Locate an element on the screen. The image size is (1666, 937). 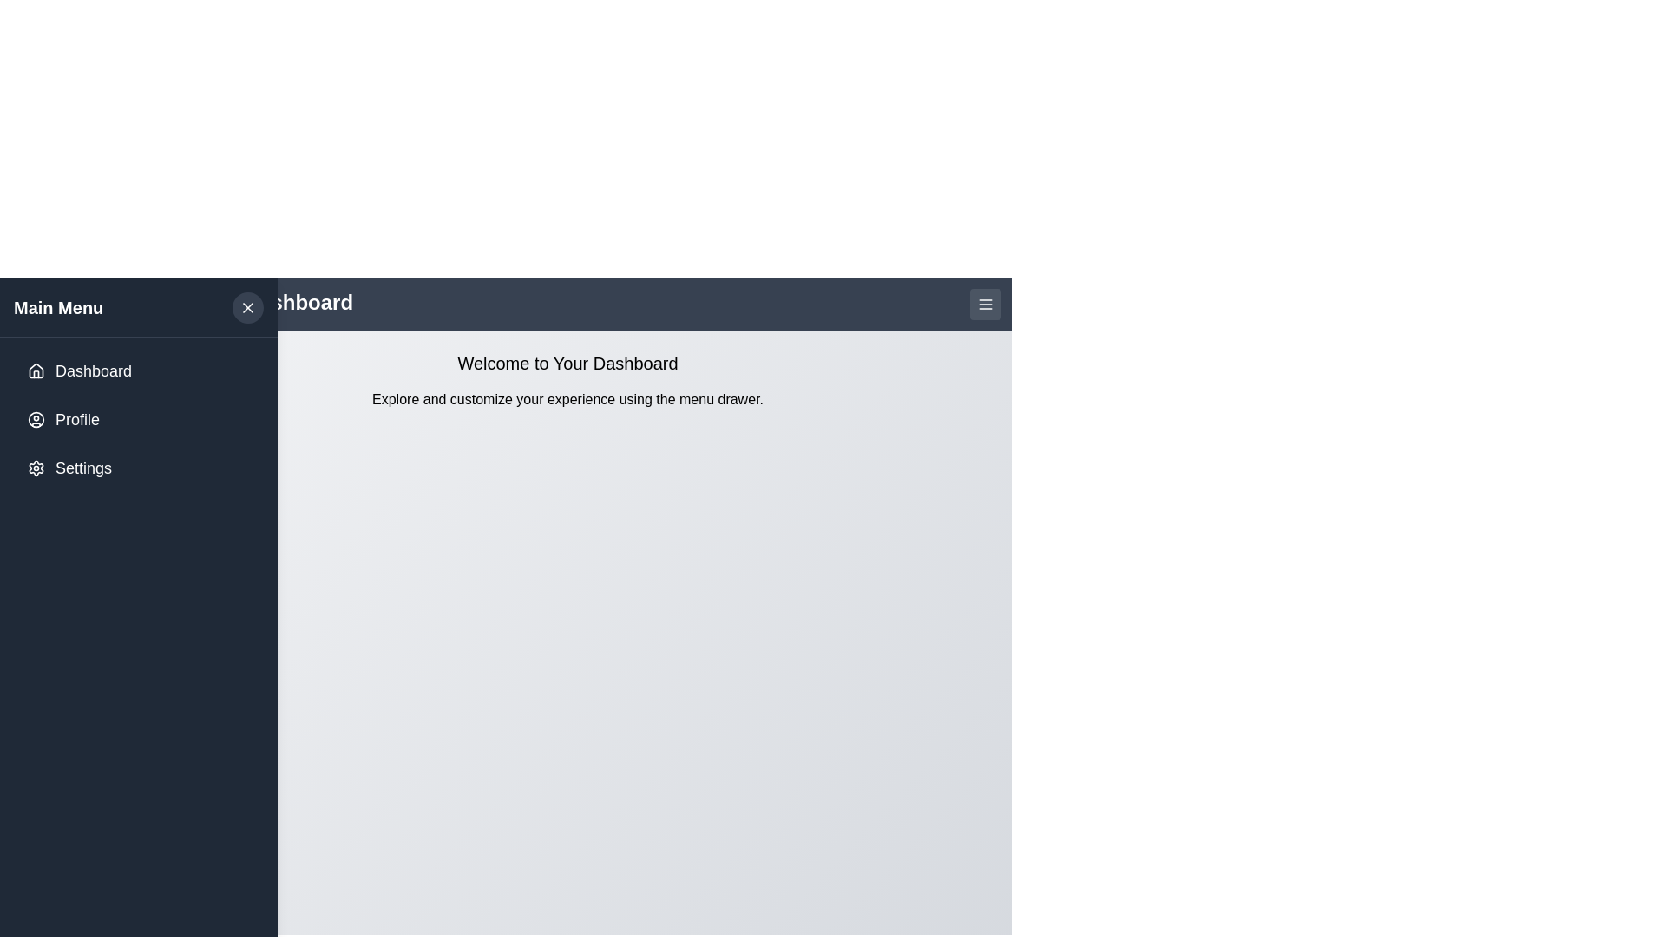
the menu toggle button located at the top-right corner of the interface is located at coordinates (986, 304).